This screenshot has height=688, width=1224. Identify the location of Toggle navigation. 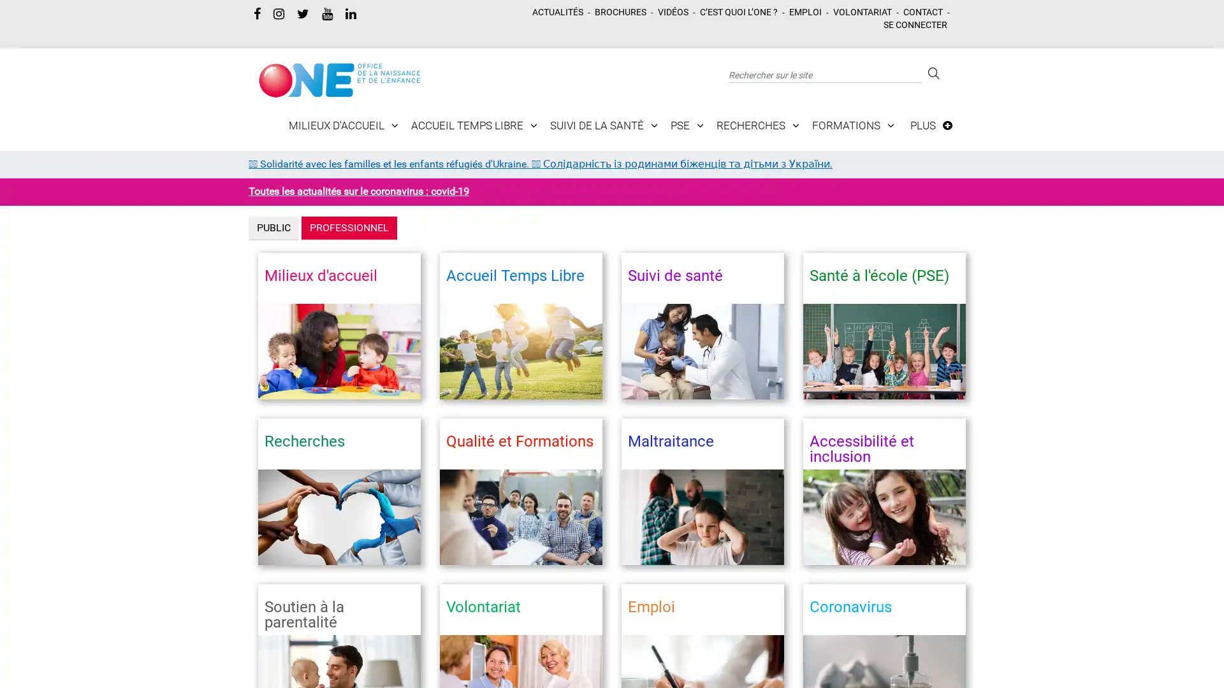
(446, 78).